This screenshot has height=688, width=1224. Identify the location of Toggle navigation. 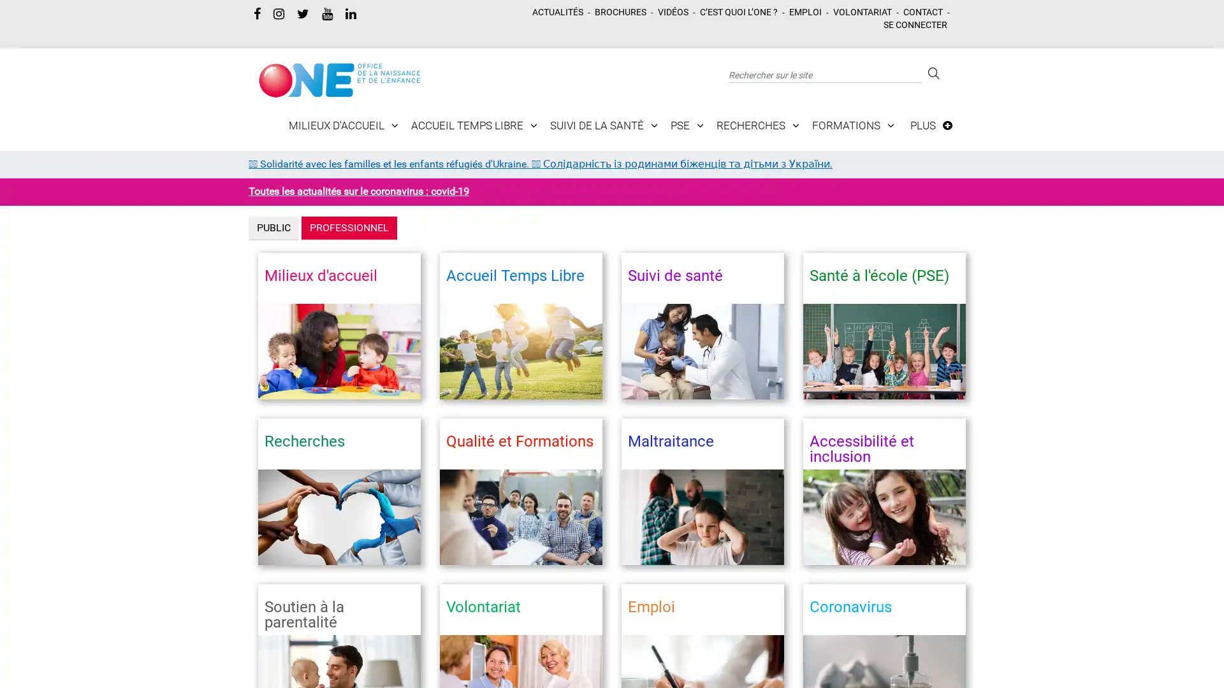
(446, 78).